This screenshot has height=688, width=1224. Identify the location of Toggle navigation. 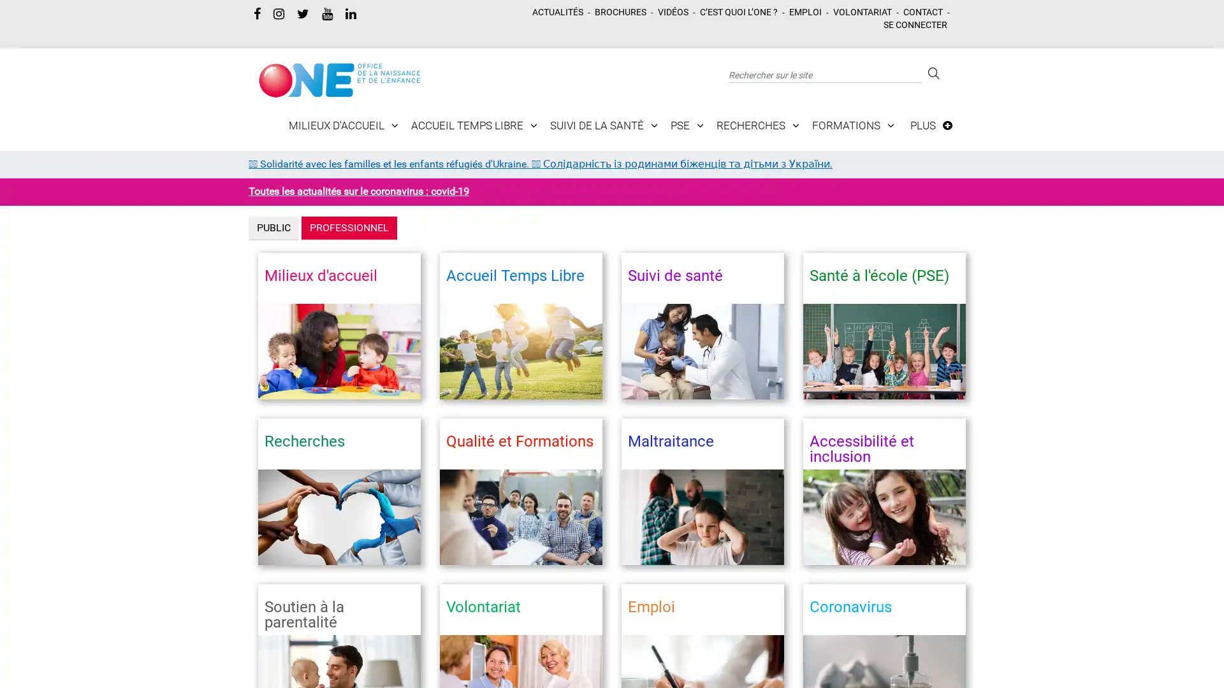
(446, 78).